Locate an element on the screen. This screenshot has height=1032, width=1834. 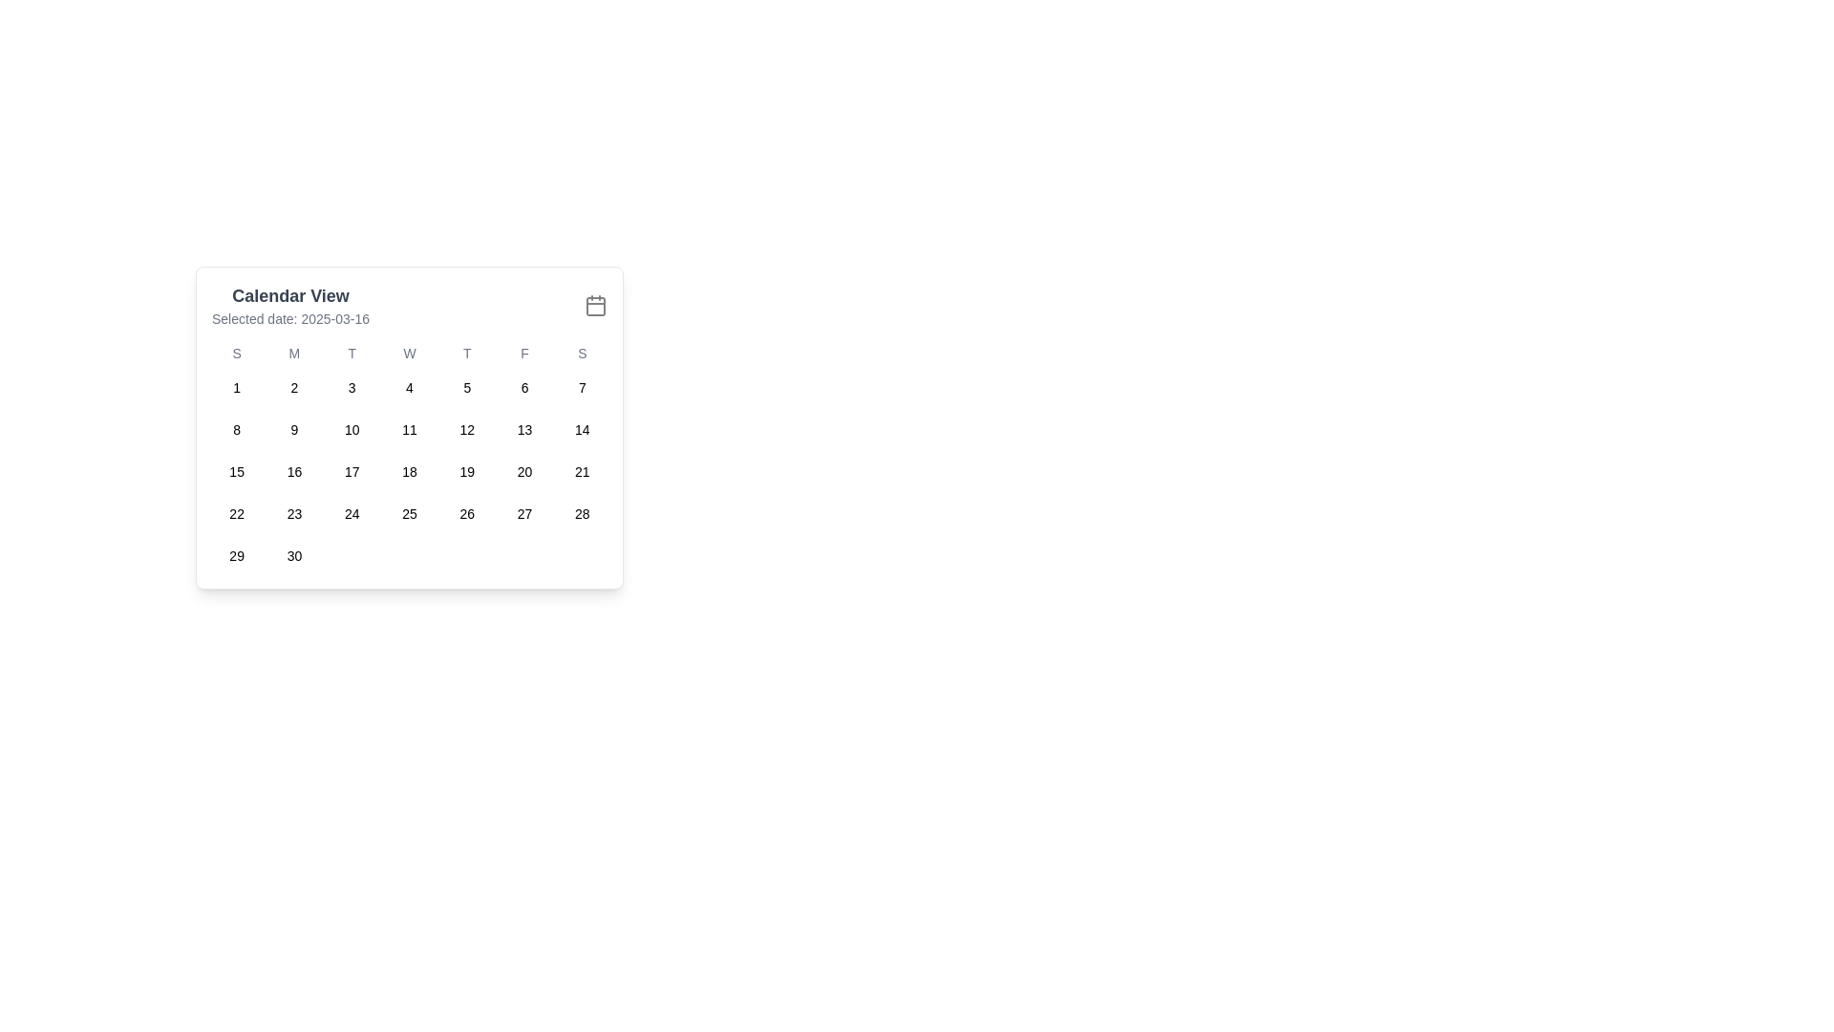
the date button representing the 30th in the calendar grid, located in the sixth row and second column of the grid, under the title 'Calendar View' is located at coordinates (293, 556).